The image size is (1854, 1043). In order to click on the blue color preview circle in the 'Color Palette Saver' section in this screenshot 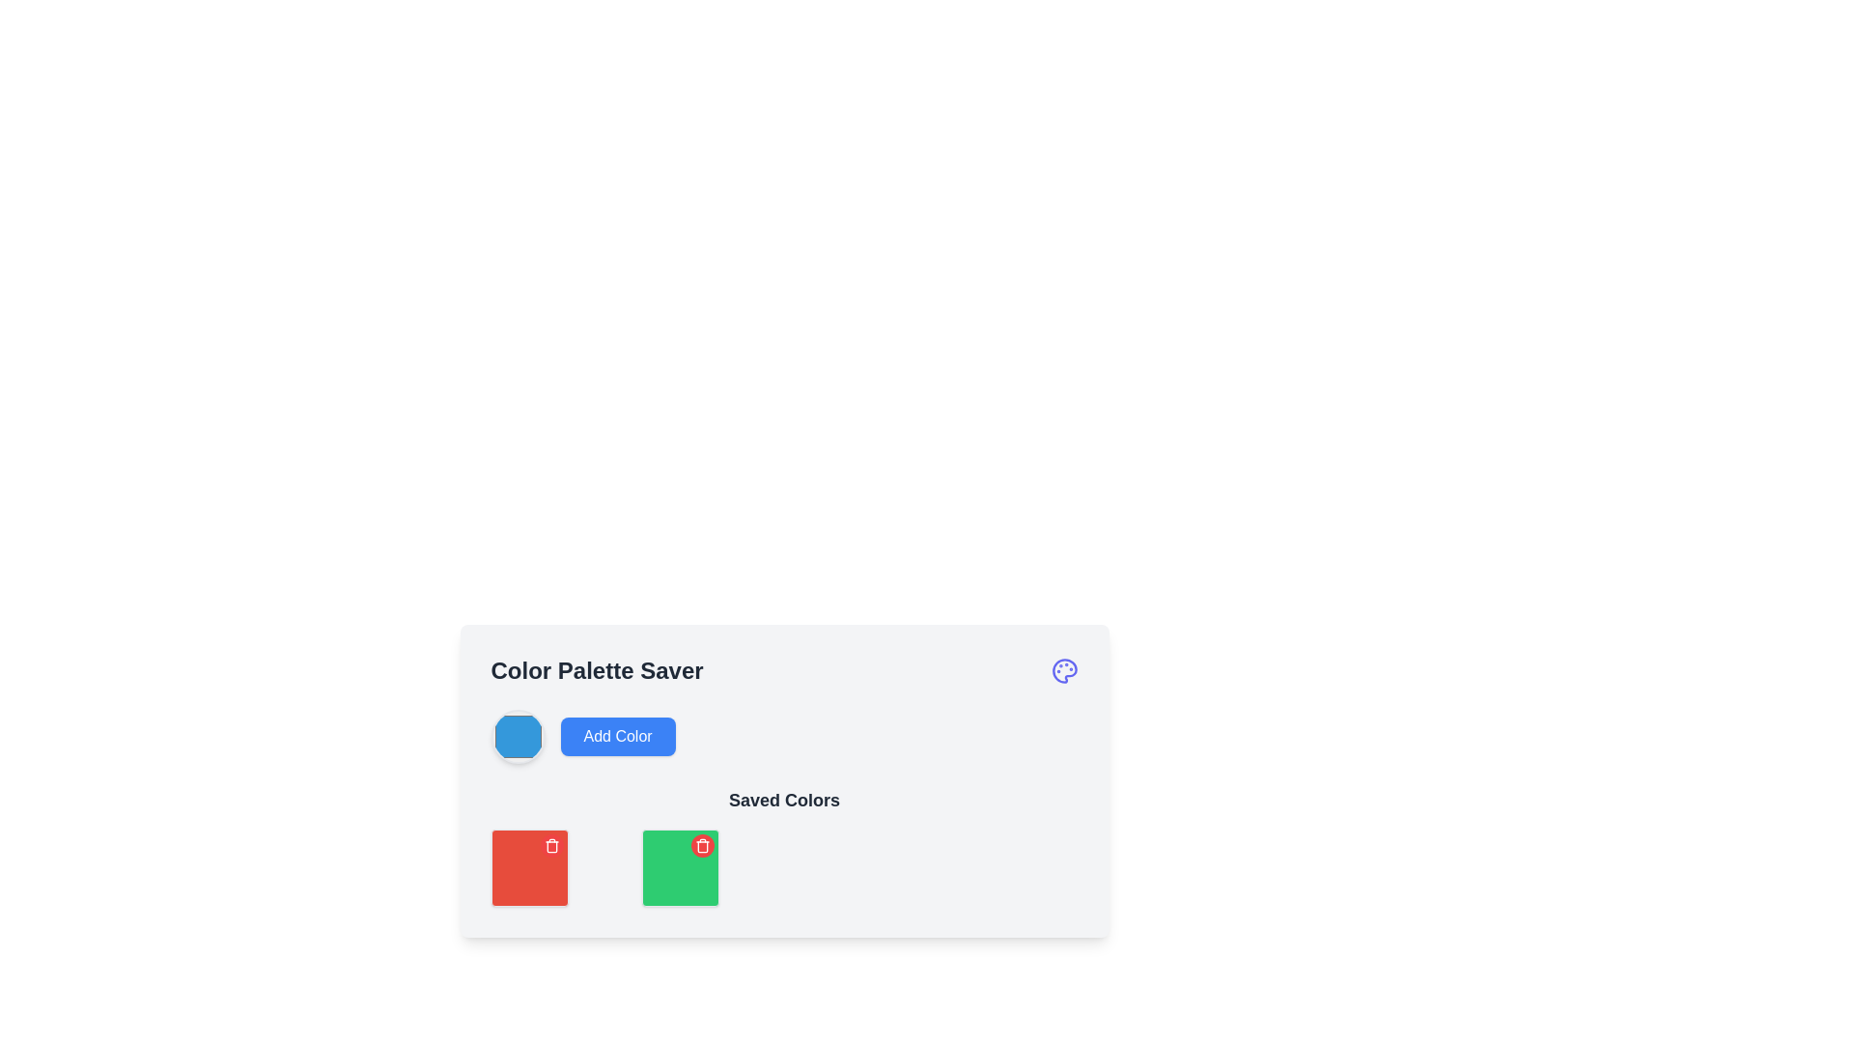, I will do `click(784, 737)`.